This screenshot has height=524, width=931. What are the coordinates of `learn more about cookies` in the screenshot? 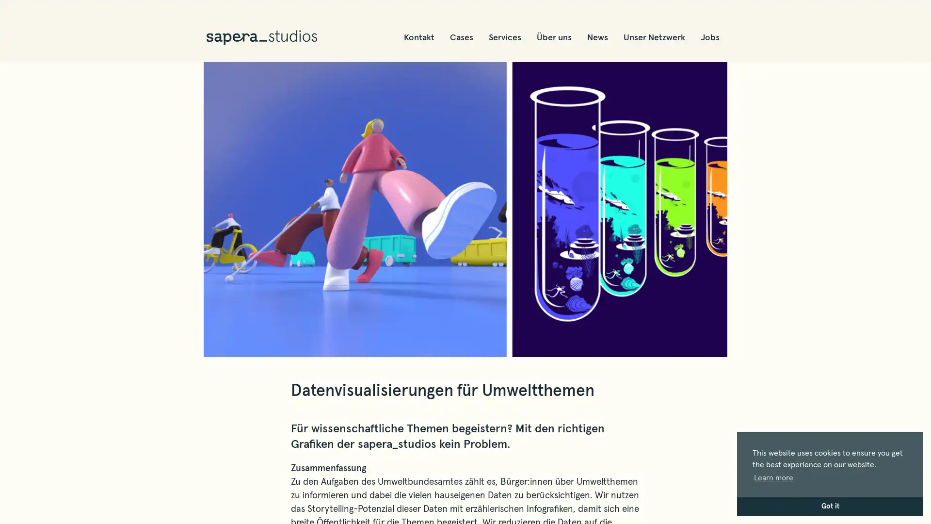 It's located at (773, 477).